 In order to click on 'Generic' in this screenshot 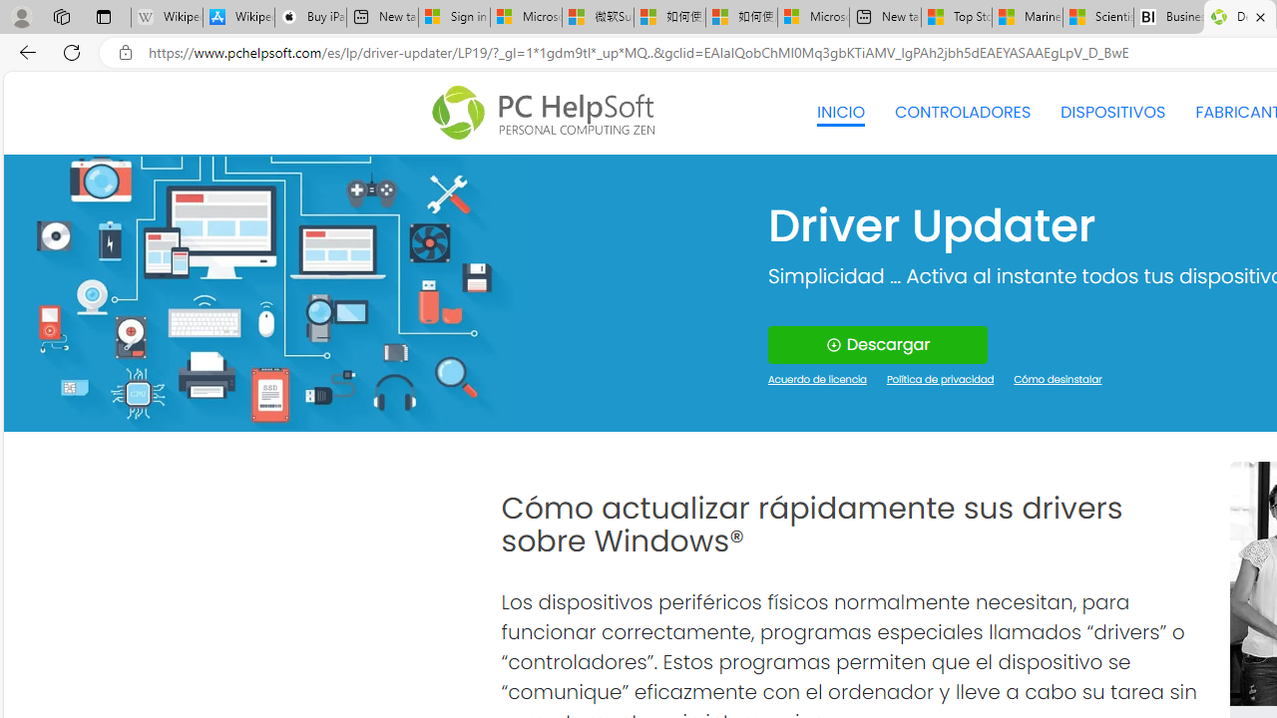, I will do `click(261, 292)`.